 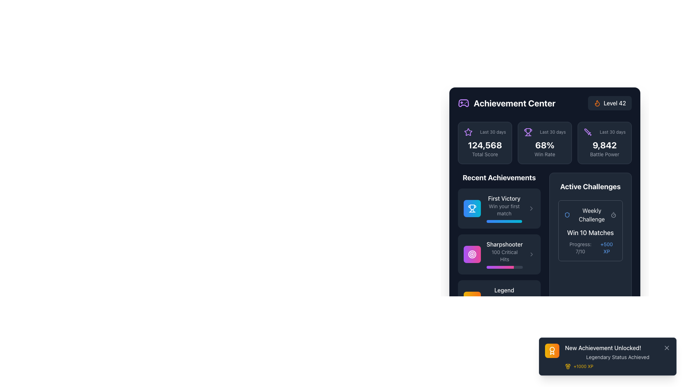 I want to click on the 'Achievement Center' header section which includes the bold white text and purple gaming controller icon on the left, and the orange flame badge with 'Level 42' on the right, if it has interactive functionality, so click(x=545, y=103).